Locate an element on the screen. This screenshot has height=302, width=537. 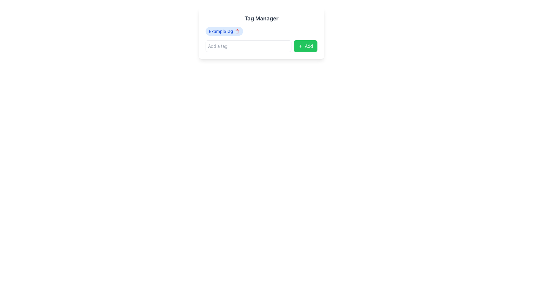
the green circular icon with a white plus symbol located to the left of the 'Add' text within the green button is located at coordinates (300, 46).